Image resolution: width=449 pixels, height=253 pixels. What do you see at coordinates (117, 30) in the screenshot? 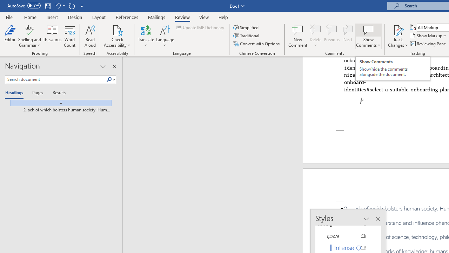
I see `'Check Accessibility'` at bounding box center [117, 30].